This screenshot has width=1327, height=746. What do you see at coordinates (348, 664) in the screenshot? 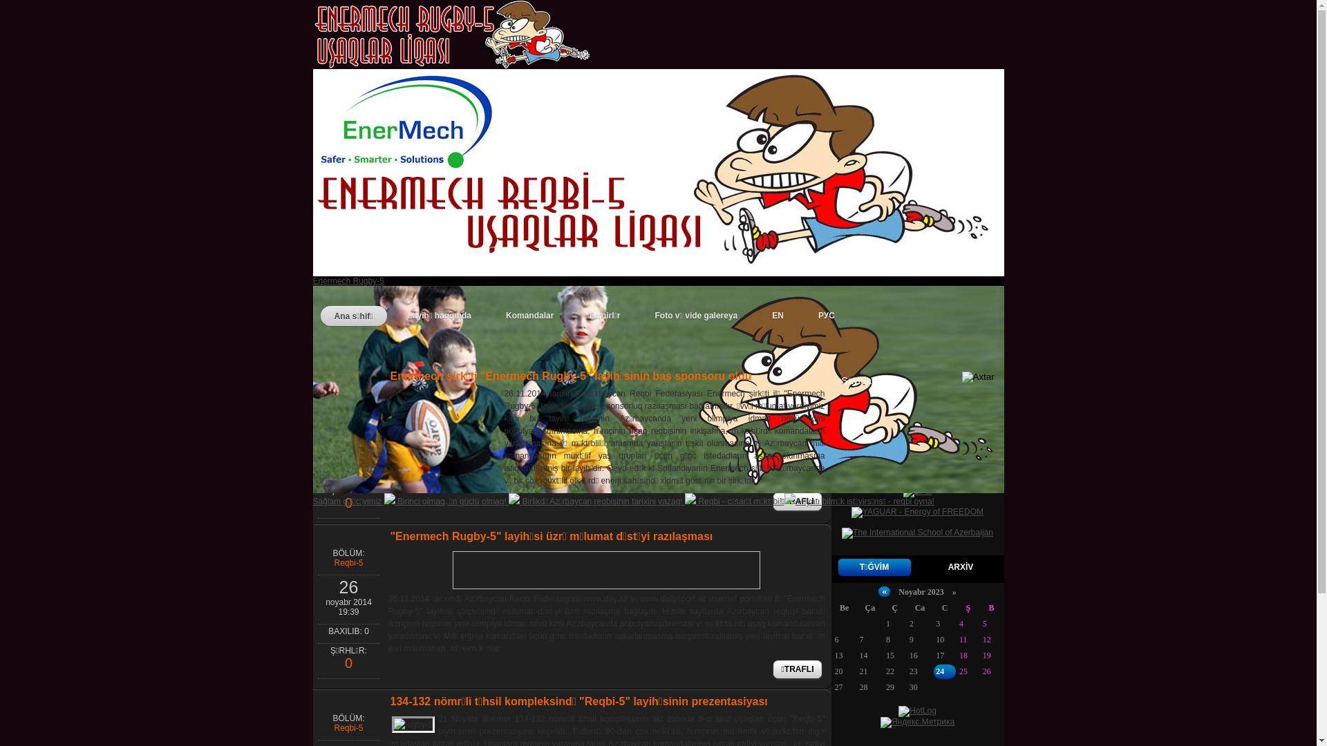
I see `'0'` at bounding box center [348, 664].